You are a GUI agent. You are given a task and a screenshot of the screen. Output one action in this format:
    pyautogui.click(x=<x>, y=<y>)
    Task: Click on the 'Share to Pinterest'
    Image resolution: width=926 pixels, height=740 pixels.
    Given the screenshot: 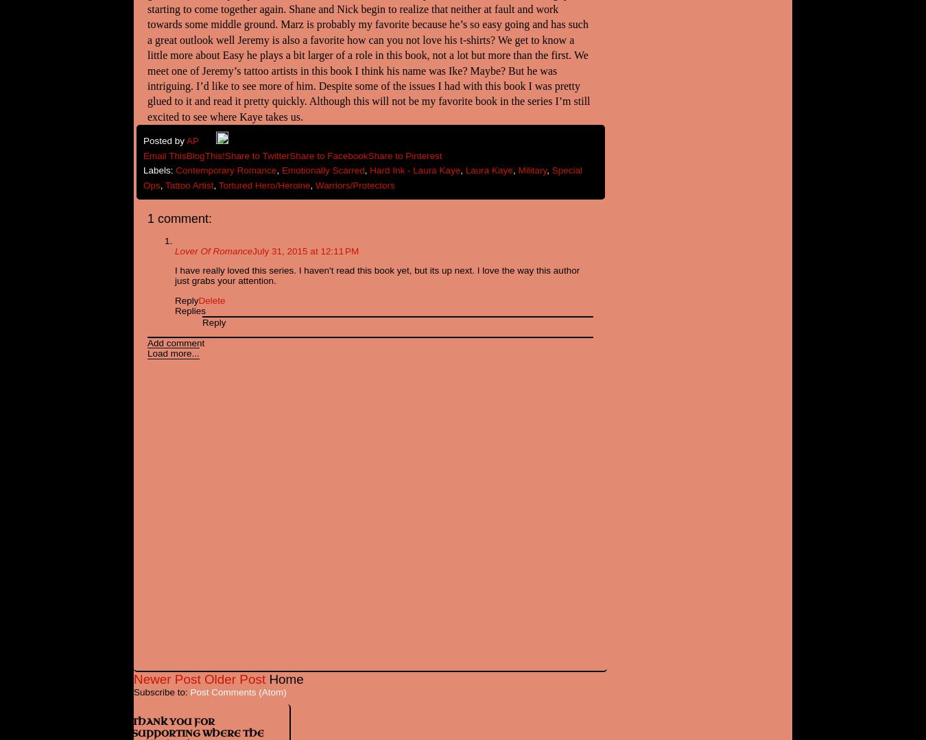 What is the action you would take?
    pyautogui.click(x=366, y=154)
    